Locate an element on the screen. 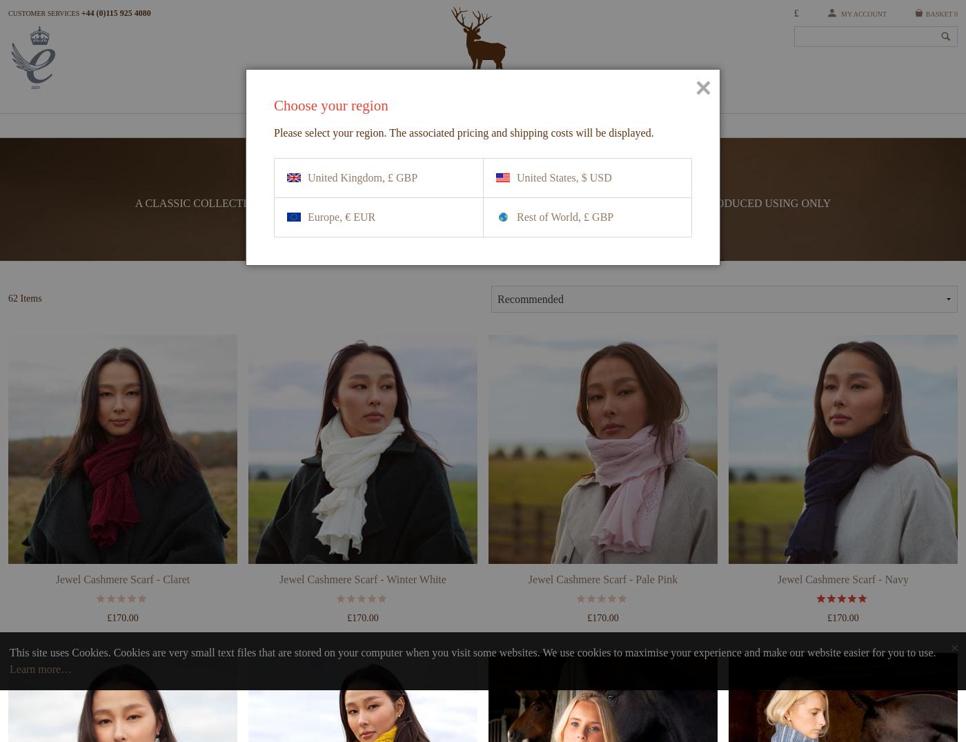 The height and width of the screenshot is (742, 966). 'Choose your region' is located at coordinates (331, 105).